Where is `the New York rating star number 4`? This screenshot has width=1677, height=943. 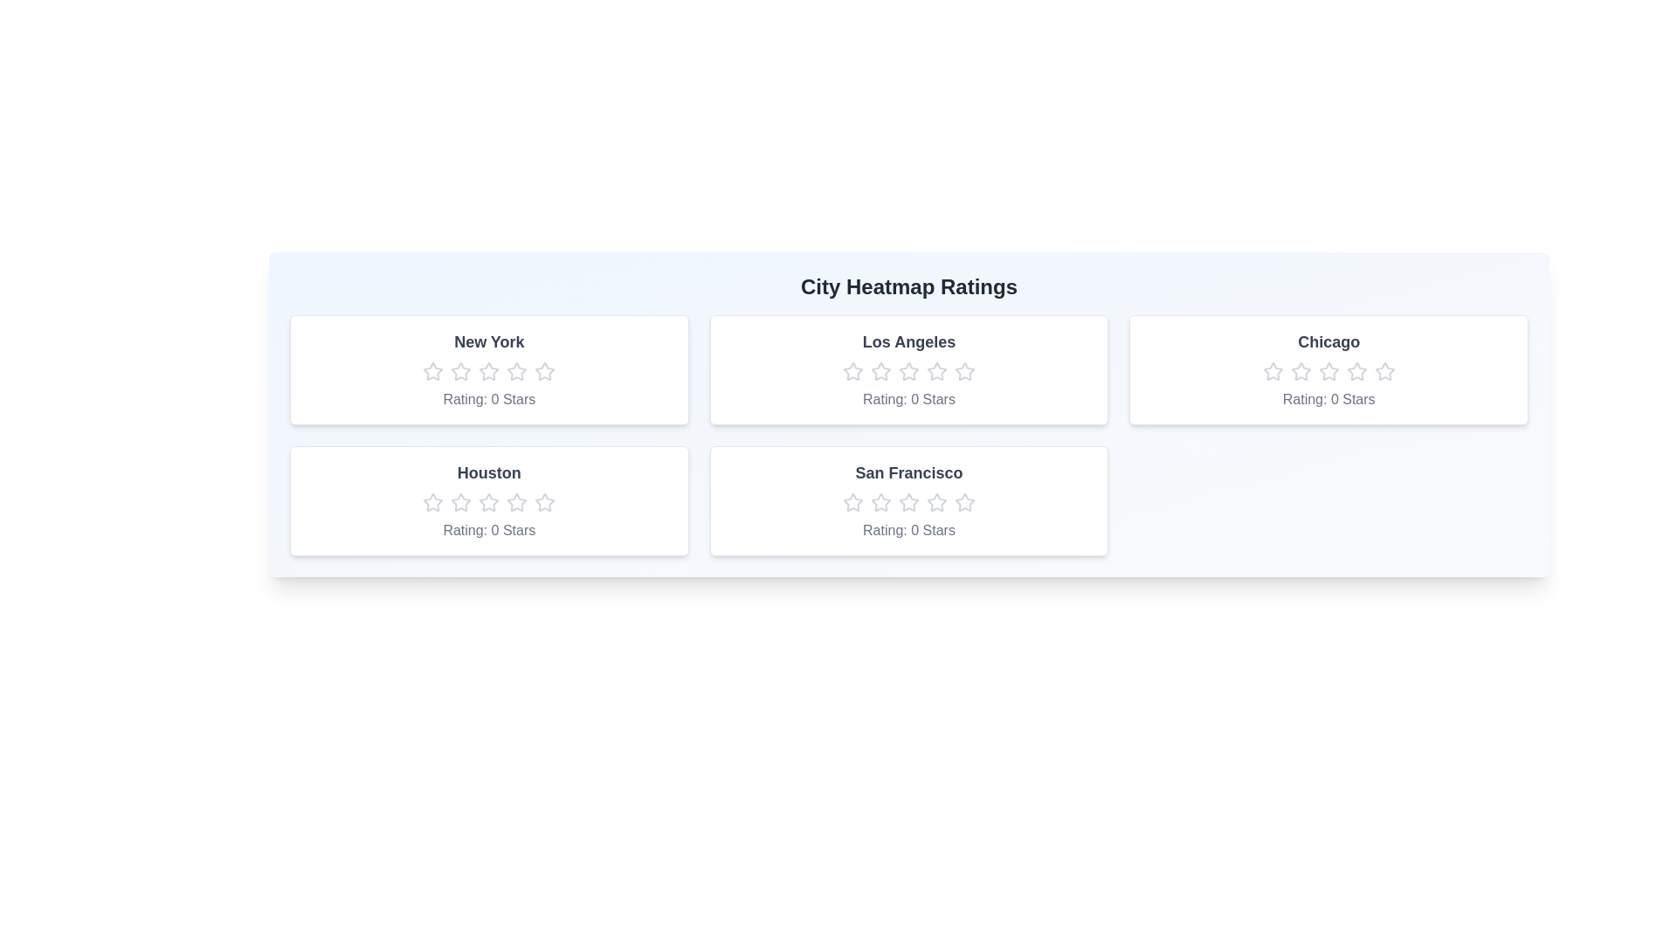
the New York rating star number 4 is located at coordinates (516, 370).